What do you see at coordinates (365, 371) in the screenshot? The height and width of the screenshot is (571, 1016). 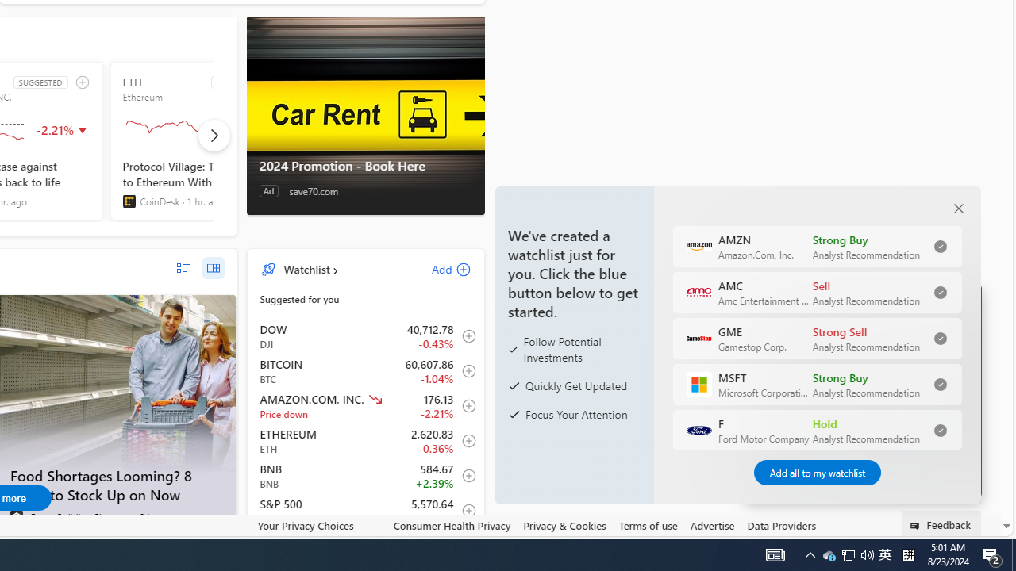 I see `'BTC Bitcoin decrease 60,607.86 -629.74 -1.04% item1'` at bounding box center [365, 371].